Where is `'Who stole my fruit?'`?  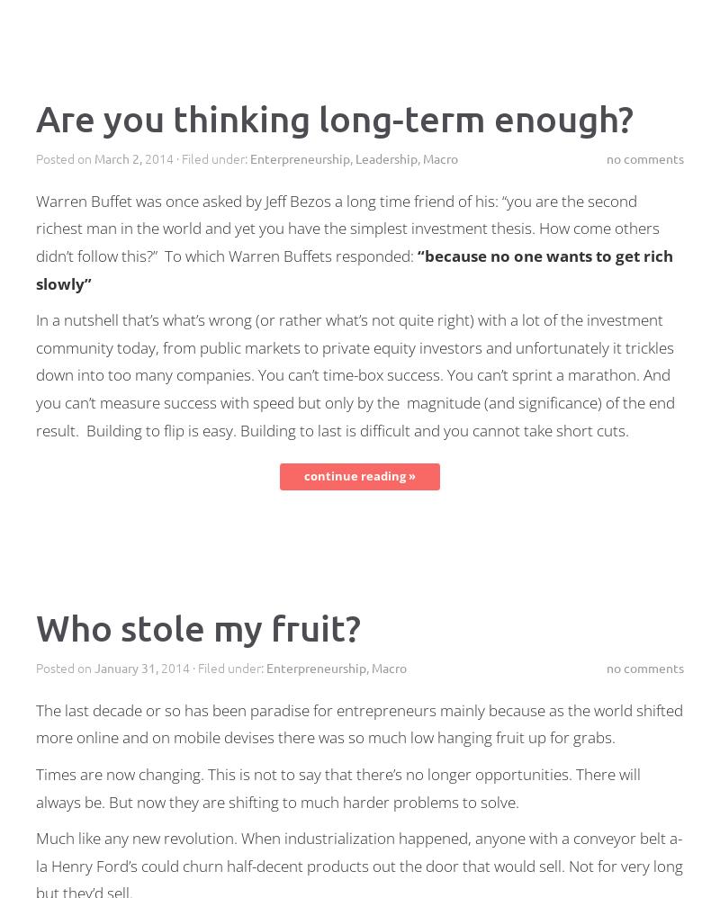 'Who stole my fruit?' is located at coordinates (198, 625).